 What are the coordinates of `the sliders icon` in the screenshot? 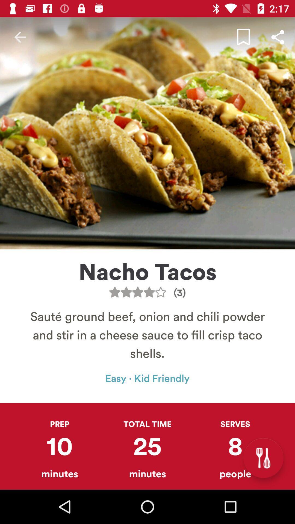 It's located at (263, 458).